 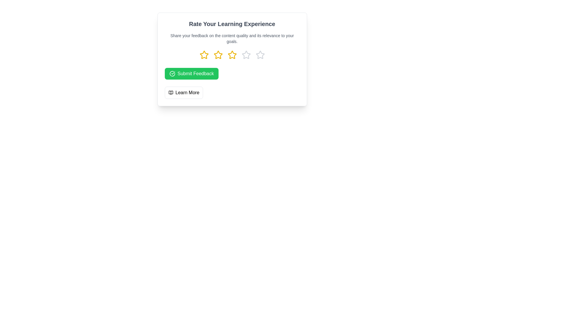 I want to click on the rating to 2 stars by clicking on the corresponding star, so click(x=218, y=55).